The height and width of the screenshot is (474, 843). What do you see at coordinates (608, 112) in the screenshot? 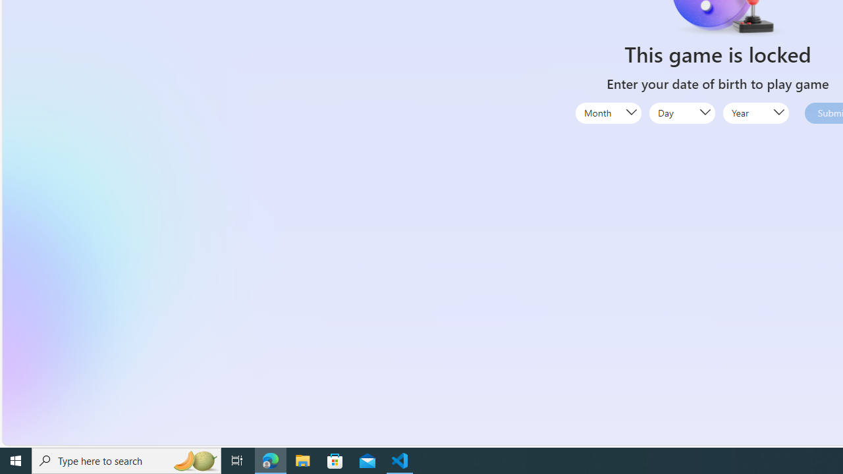
I see `'Month'` at bounding box center [608, 112].